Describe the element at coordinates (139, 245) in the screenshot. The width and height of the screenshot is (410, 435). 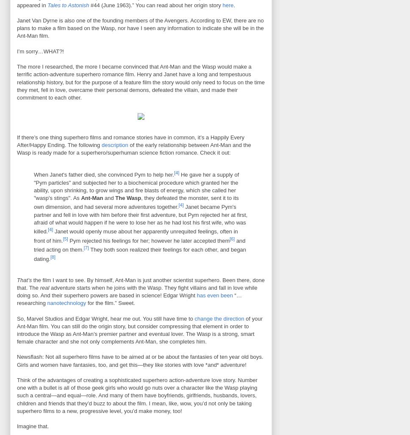
I see `'and tried acting on them.'` at that location.